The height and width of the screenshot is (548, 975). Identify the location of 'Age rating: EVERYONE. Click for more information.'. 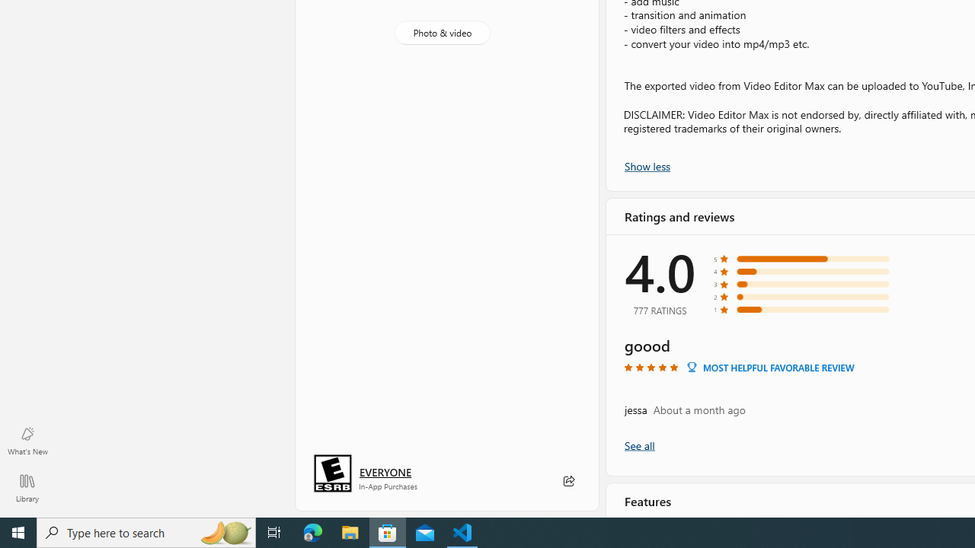
(385, 470).